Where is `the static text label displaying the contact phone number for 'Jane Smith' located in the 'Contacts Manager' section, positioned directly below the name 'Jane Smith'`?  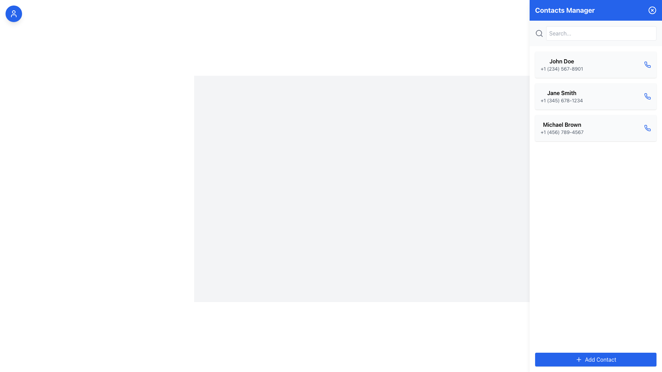
the static text label displaying the contact phone number for 'Jane Smith' located in the 'Contacts Manager' section, positioned directly below the name 'Jane Smith' is located at coordinates (562, 101).